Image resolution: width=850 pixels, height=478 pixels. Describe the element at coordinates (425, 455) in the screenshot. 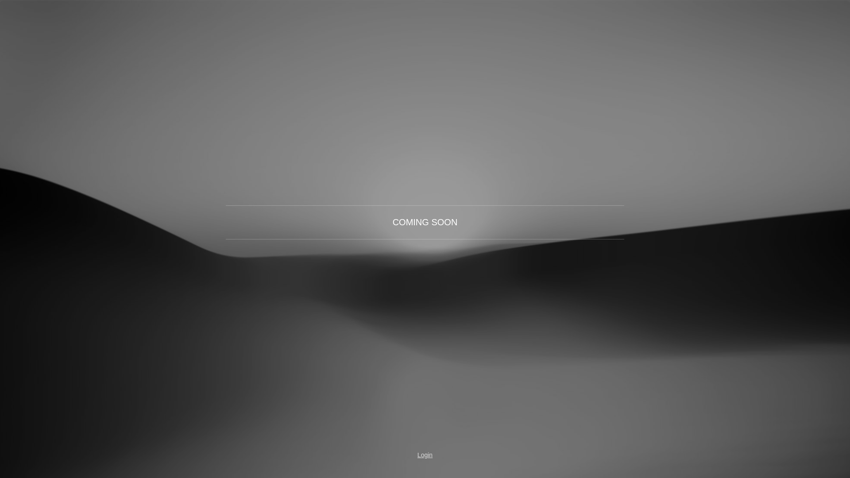

I see `'Login'` at that location.